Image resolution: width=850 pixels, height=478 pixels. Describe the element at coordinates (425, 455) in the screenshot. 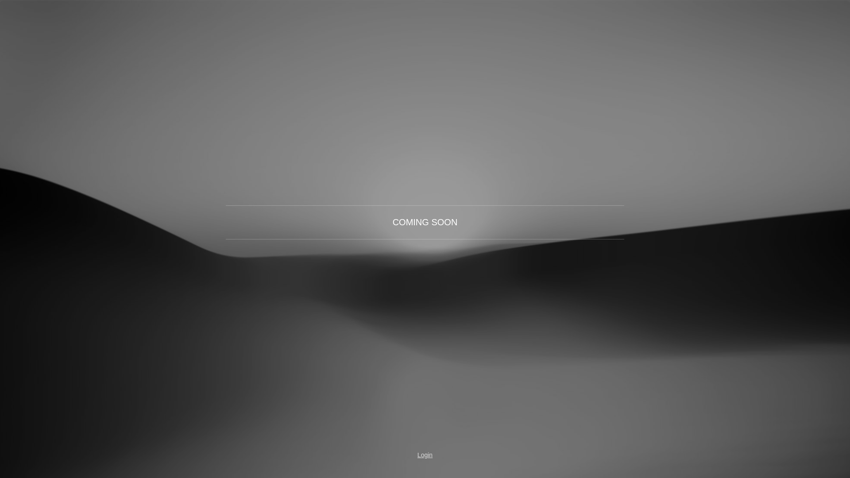

I see `'Login'` at that location.